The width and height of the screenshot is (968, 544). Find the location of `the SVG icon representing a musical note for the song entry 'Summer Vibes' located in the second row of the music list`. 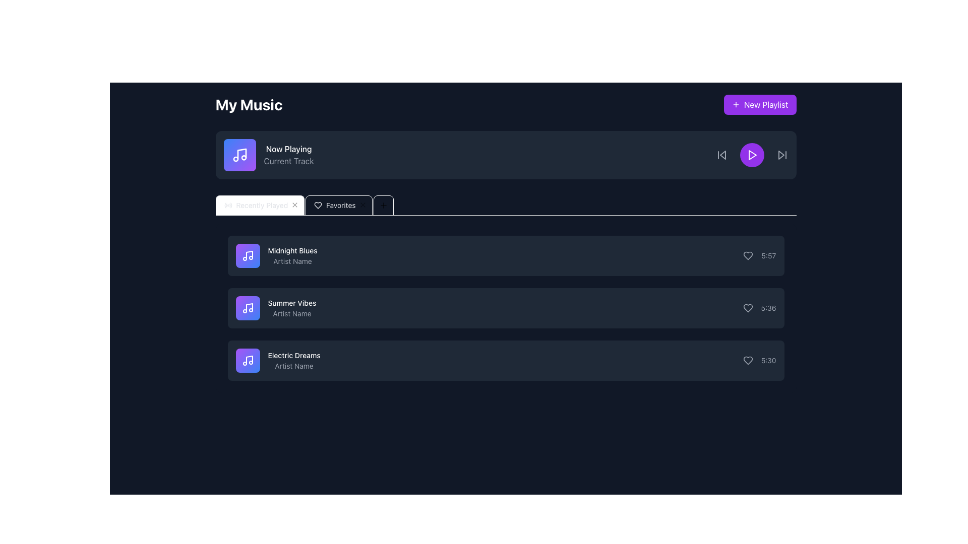

the SVG icon representing a musical note for the song entry 'Summer Vibes' located in the second row of the music list is located at coordinates (249, 307).